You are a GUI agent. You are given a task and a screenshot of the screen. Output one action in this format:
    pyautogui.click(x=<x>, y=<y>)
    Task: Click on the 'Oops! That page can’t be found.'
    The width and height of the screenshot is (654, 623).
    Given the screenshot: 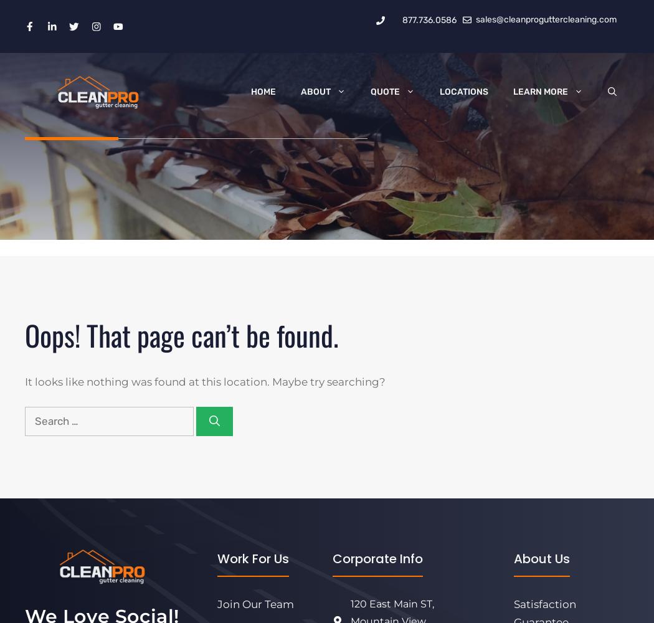 What is the action you would take?
    pyautogui.click(x=24, y=334)
    